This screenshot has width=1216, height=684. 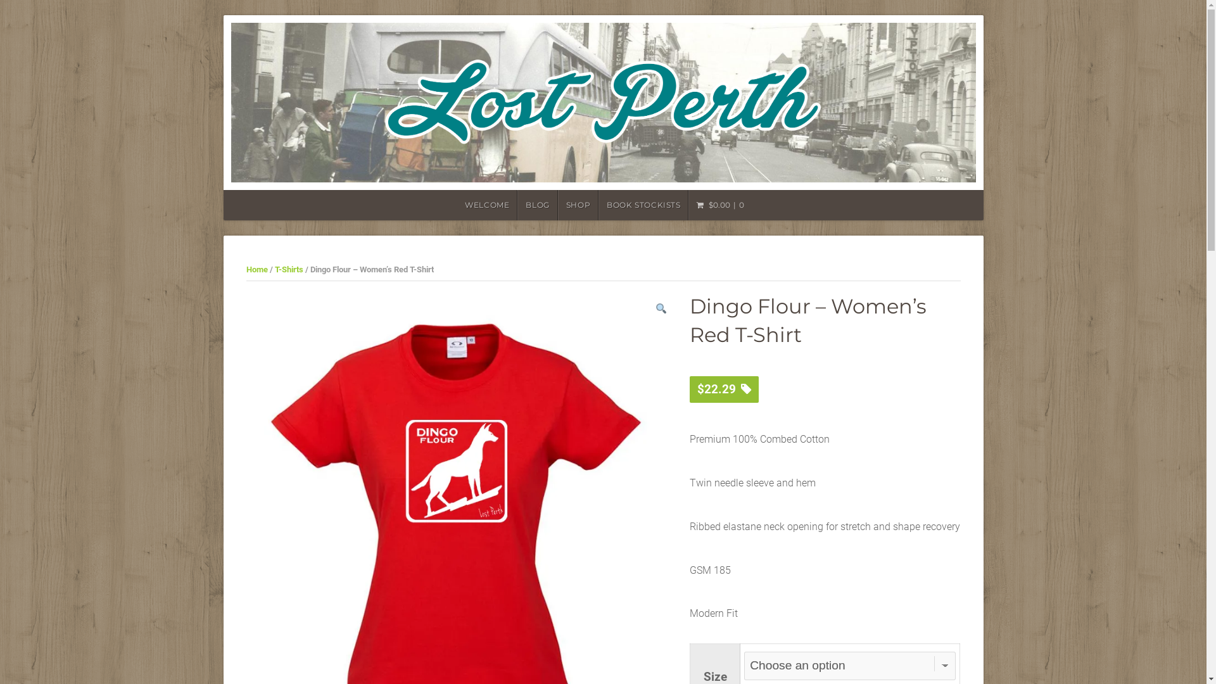 I want to click on 'BOOK STOCKISTS', so click(x=643, y=205).